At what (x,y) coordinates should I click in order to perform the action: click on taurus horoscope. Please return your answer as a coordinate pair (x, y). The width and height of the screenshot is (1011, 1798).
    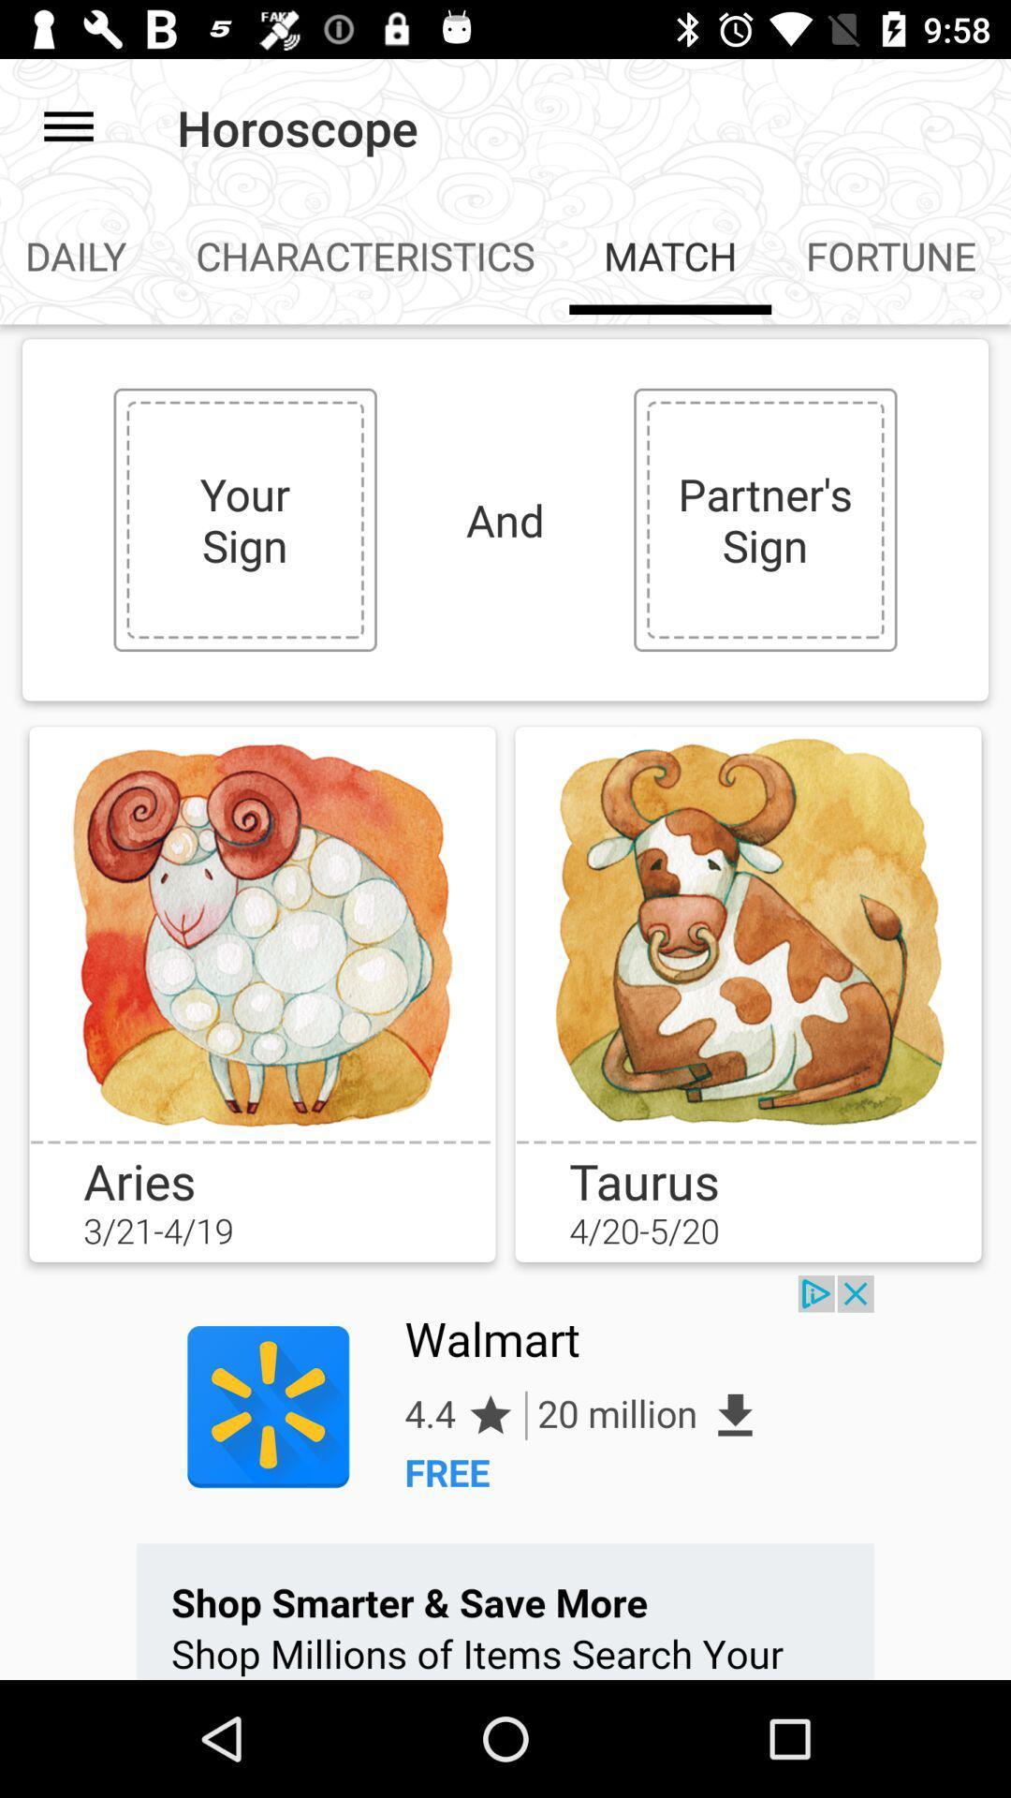
    Looking at the image, I should click on (747, 933).